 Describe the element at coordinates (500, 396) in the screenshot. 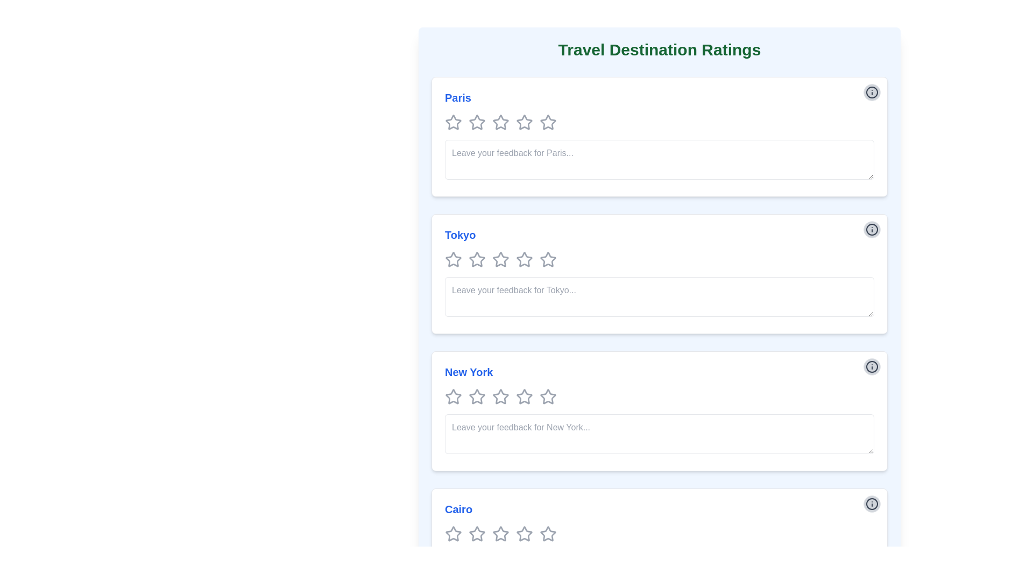

I see `the fourth star-shaped rating icon in gray, located` at that location.